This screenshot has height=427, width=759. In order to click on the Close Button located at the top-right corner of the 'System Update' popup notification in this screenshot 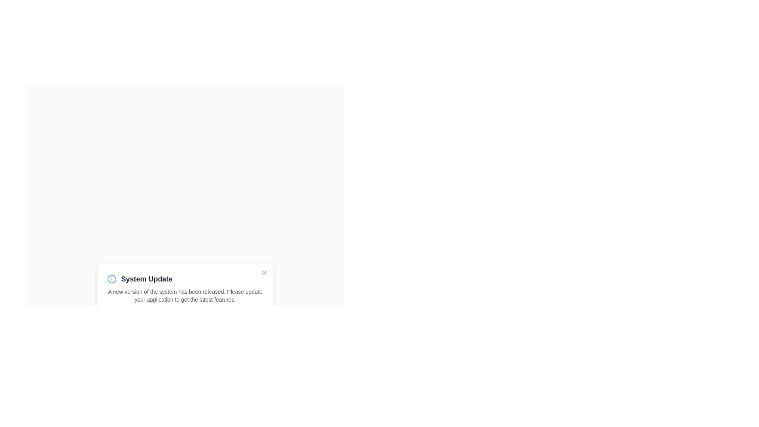, I will do `click(264, 272)`.